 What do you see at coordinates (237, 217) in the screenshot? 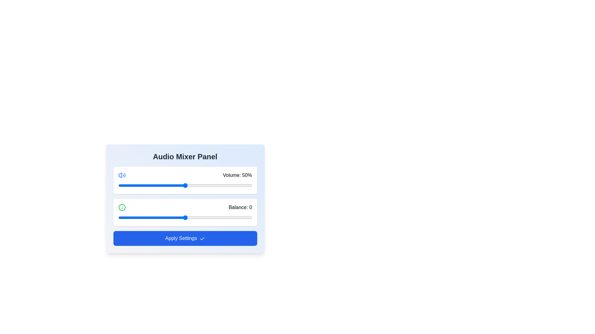
I see `the balance slider to set the balance to 39` at bounding box center [237, 217].